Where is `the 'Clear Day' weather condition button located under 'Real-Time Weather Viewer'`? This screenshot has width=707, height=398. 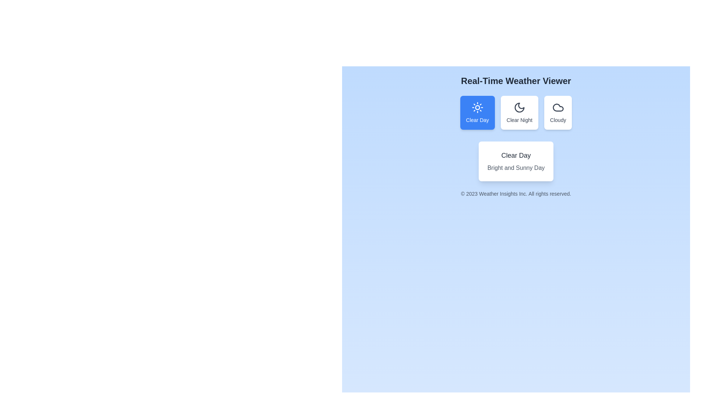
the 'Clear Day' weather condition button located under 'Real-Time Weather Viewer' is located at coordinates (477, 112).